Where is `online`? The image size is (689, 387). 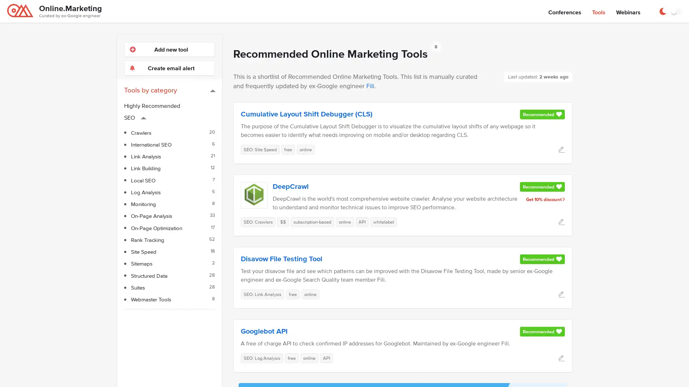 online is located at coordinates (310, 294).